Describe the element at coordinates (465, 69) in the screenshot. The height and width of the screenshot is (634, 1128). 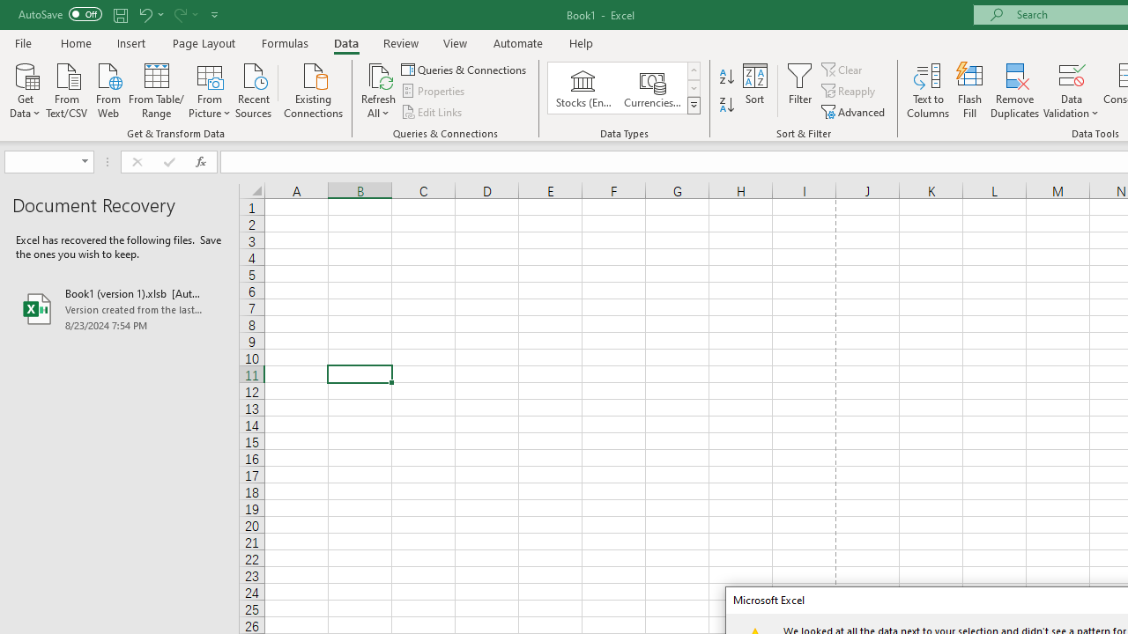
I see `'Queries & Connections'` at that location.